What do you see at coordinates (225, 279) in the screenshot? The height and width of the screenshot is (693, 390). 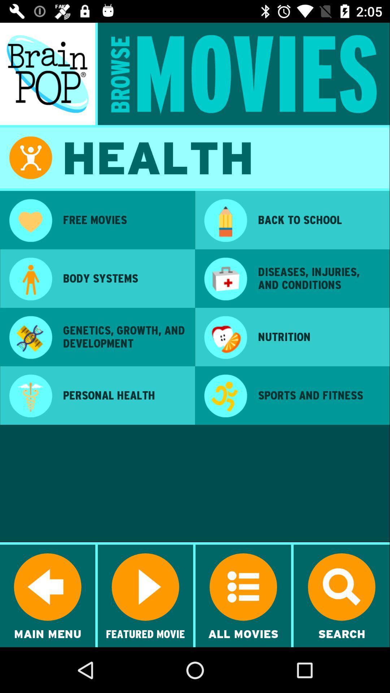 I see `app next to the diseases injuries and app` at bounding box center [225, 279].